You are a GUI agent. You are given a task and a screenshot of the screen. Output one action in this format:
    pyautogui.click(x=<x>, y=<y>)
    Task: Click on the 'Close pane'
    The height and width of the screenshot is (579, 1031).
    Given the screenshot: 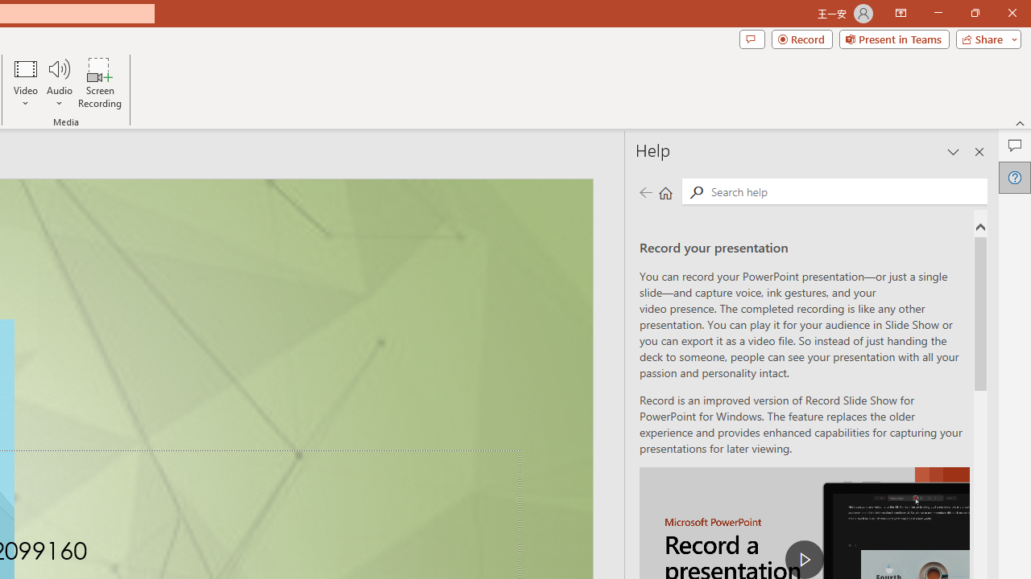 What is the action you would take?
    pyautogui.click(x=979, y=152)
    